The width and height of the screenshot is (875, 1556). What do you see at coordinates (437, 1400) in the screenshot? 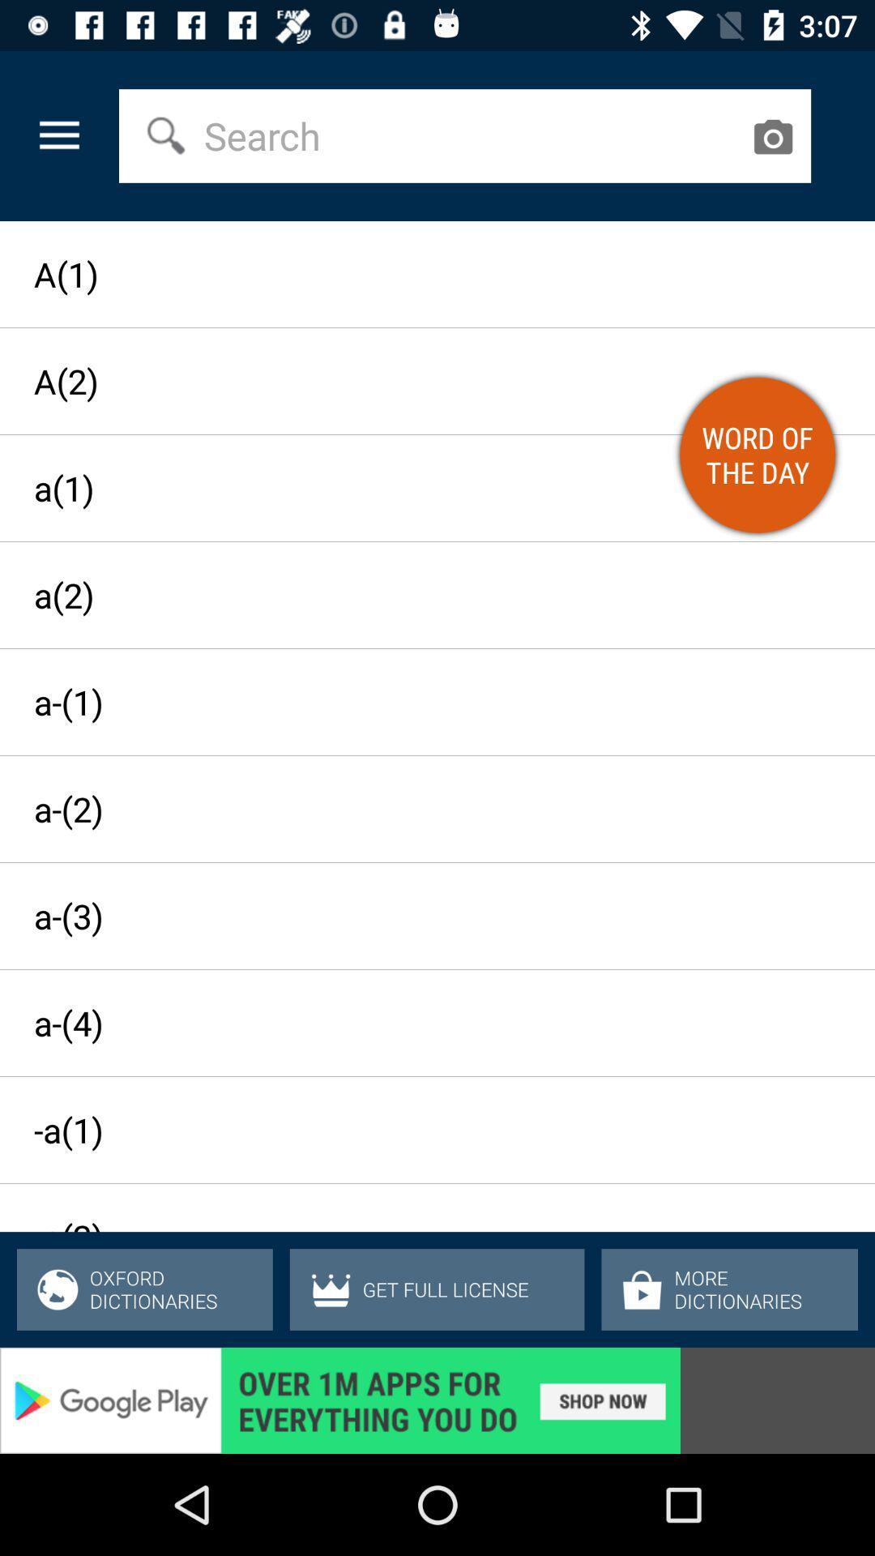
I see `advertisement link` at bounding box center [437, 1400].